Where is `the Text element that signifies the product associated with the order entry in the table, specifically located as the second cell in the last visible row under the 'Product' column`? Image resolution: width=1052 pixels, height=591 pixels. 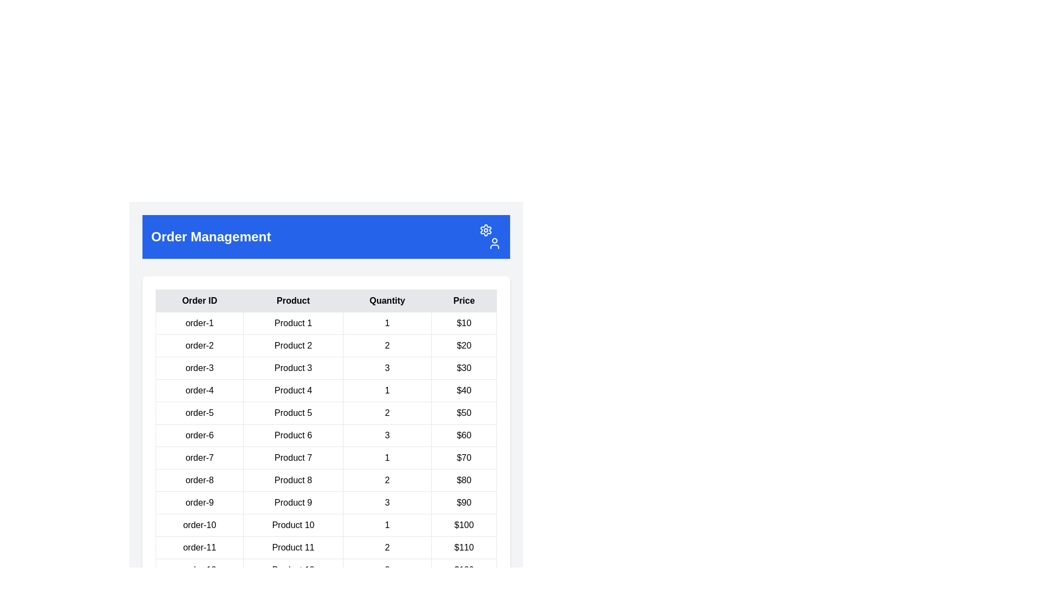
the Text element that signifies the product associated with the order entry in the table, specifically located as the second cell in the last visible row under the 'Product' column is located at coordinates (293, 569).